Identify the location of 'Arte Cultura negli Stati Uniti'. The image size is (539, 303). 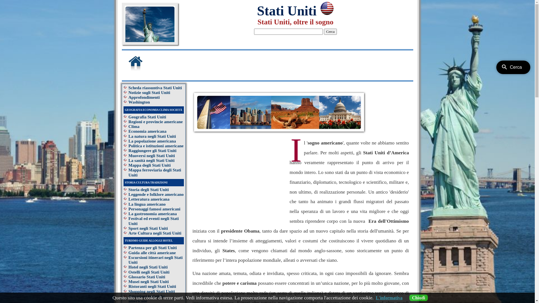
(155, 233).